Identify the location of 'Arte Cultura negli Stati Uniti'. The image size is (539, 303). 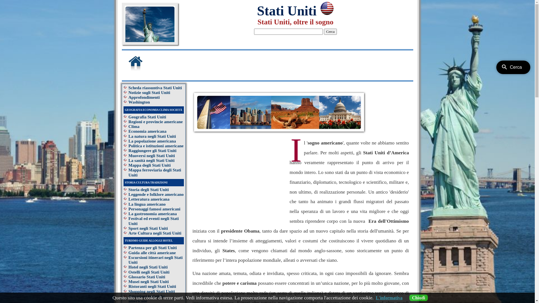
(155, 233).